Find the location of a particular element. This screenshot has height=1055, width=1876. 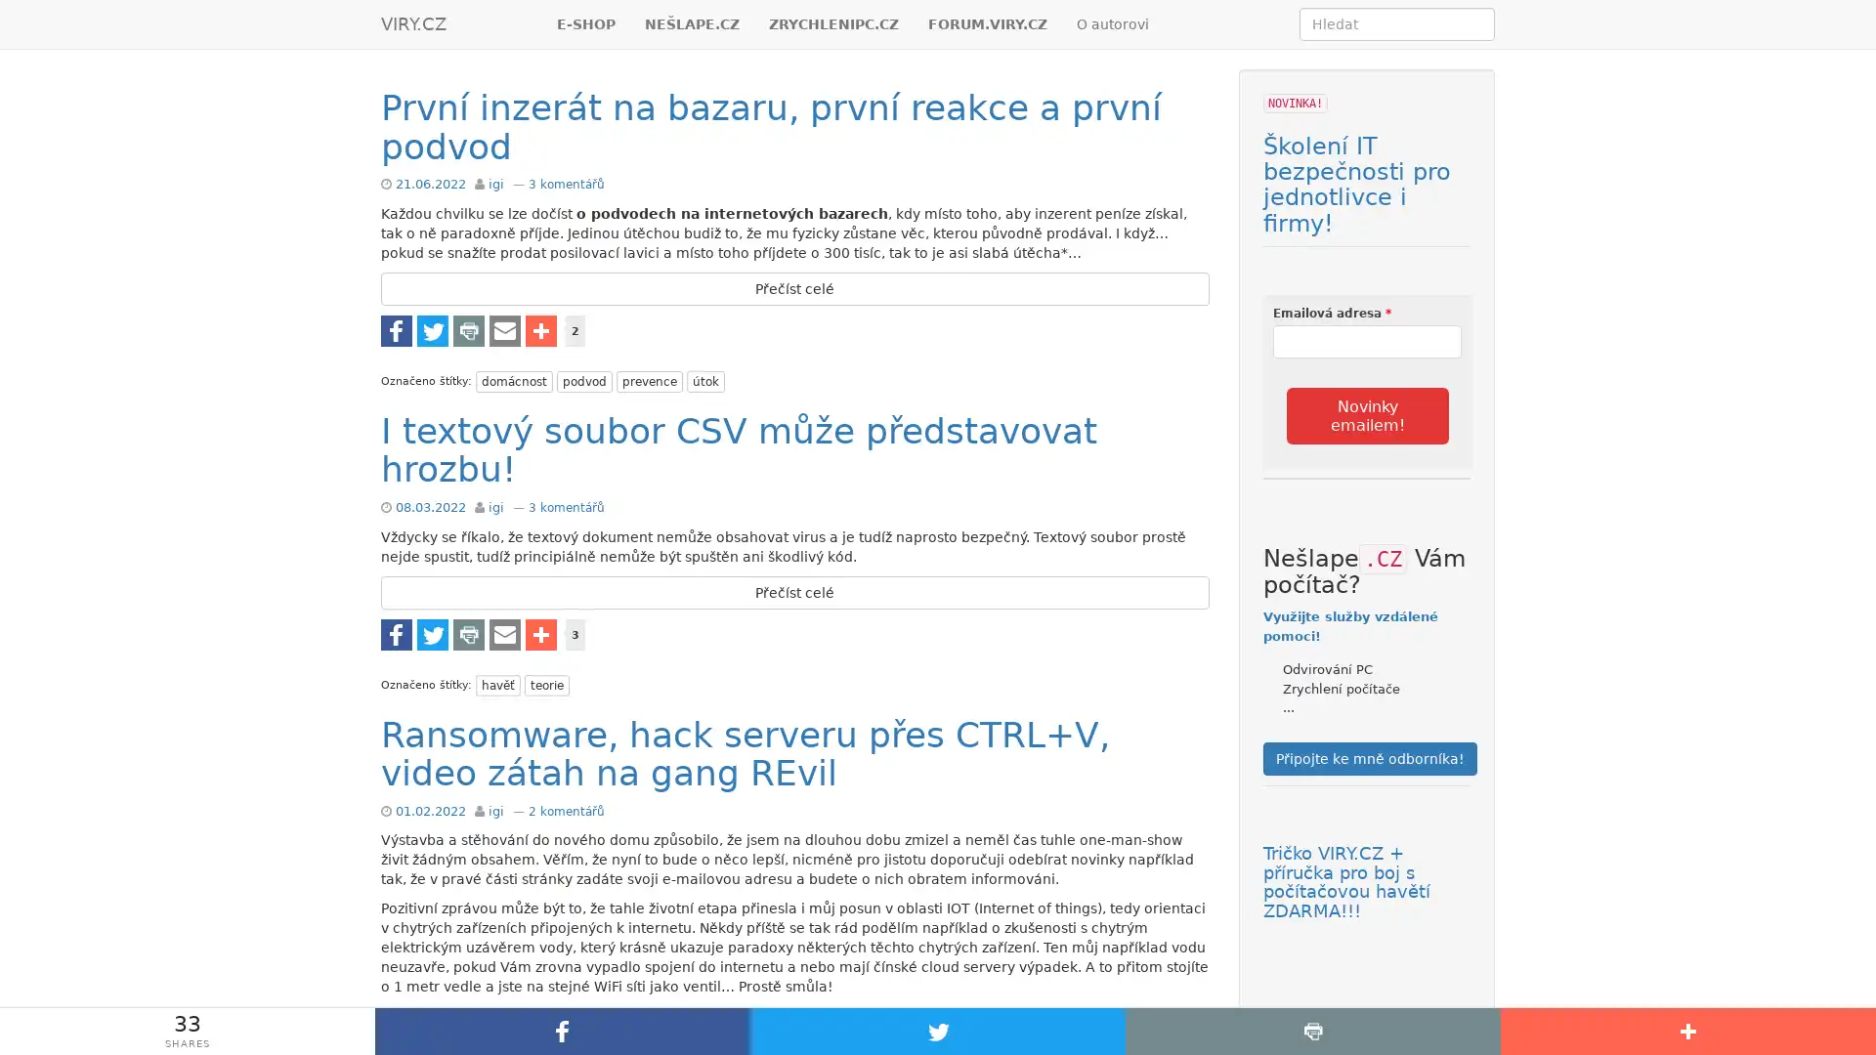

Share to Vice... is located at coordinates (540, 633).